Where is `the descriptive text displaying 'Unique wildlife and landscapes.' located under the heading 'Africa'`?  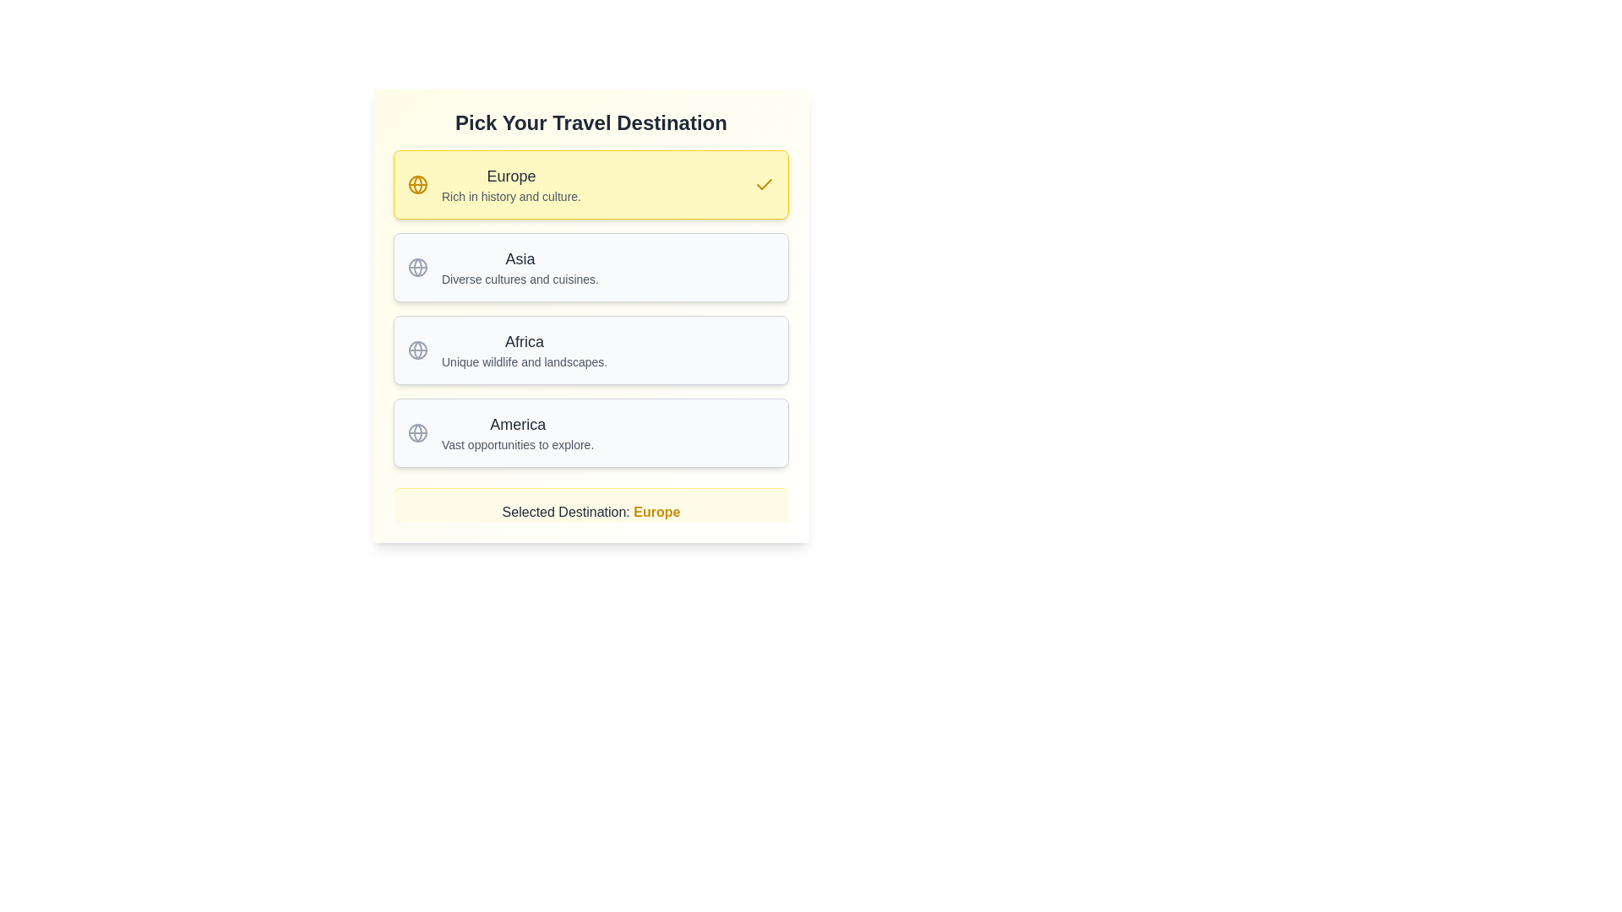 the descriptive text displaying 'Unique wildlife and landscapes.' located under the heading 'Africa' is located at coordinates (524, 361).